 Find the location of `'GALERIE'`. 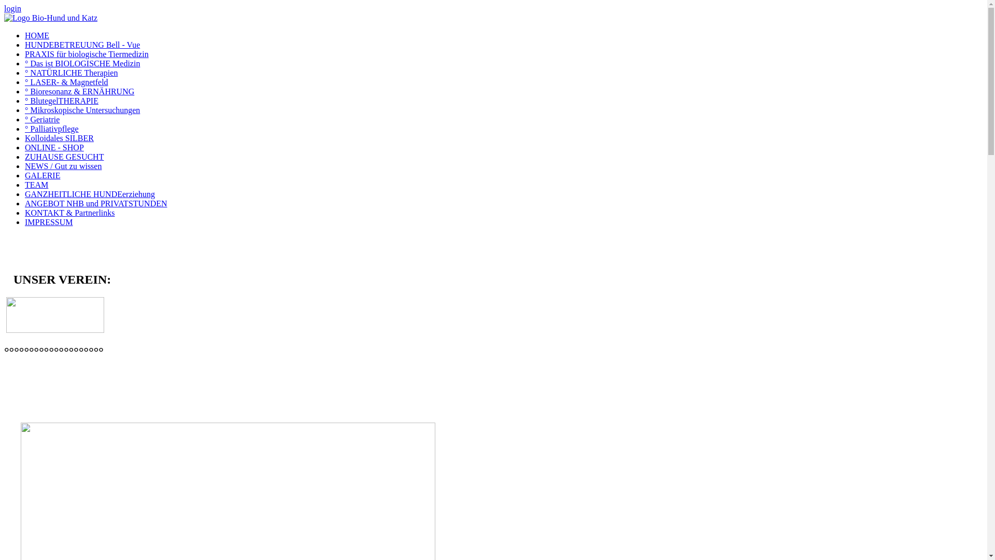

'GALERIE' is located at coordinates (41, 175).